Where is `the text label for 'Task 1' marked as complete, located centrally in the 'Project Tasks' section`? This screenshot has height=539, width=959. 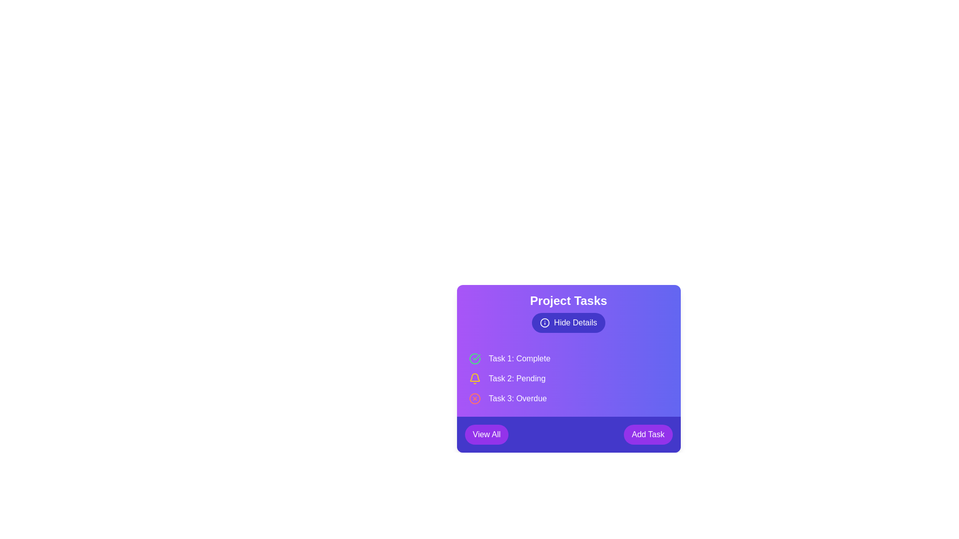 the text label for 'Task 1' marked as complete, located centrally in the 'Project Tasks' section is located at coordinates (519, 358).